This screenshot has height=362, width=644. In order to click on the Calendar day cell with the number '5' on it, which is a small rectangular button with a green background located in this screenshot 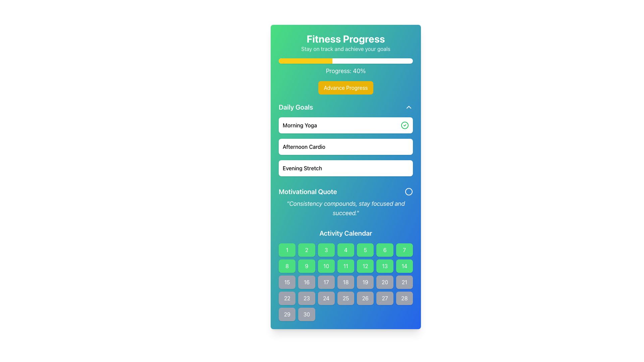, I will do `click(365, 250)`.